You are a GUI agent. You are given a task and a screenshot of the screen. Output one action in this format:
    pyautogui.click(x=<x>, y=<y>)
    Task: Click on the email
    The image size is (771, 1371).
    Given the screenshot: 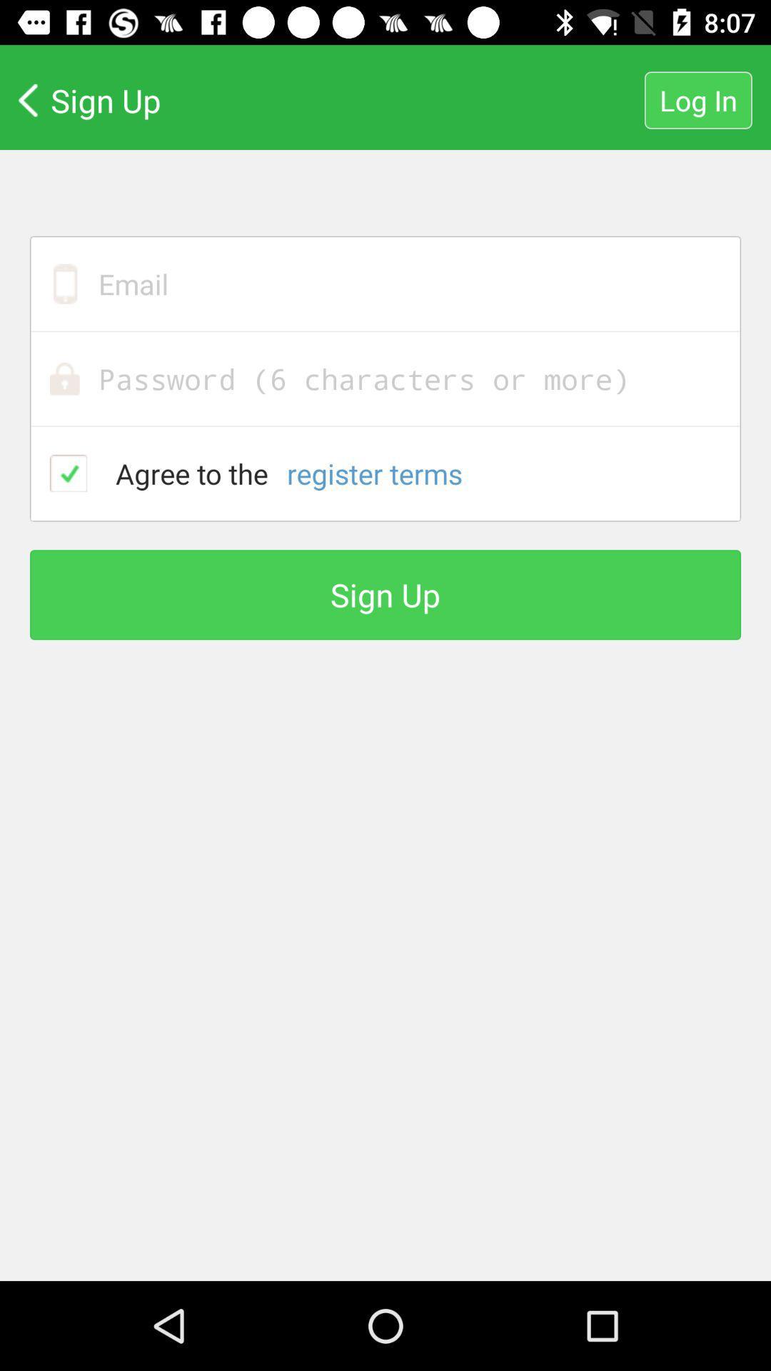 What is the action you would take?
    pyautogui.click(x=385, y=283)
    